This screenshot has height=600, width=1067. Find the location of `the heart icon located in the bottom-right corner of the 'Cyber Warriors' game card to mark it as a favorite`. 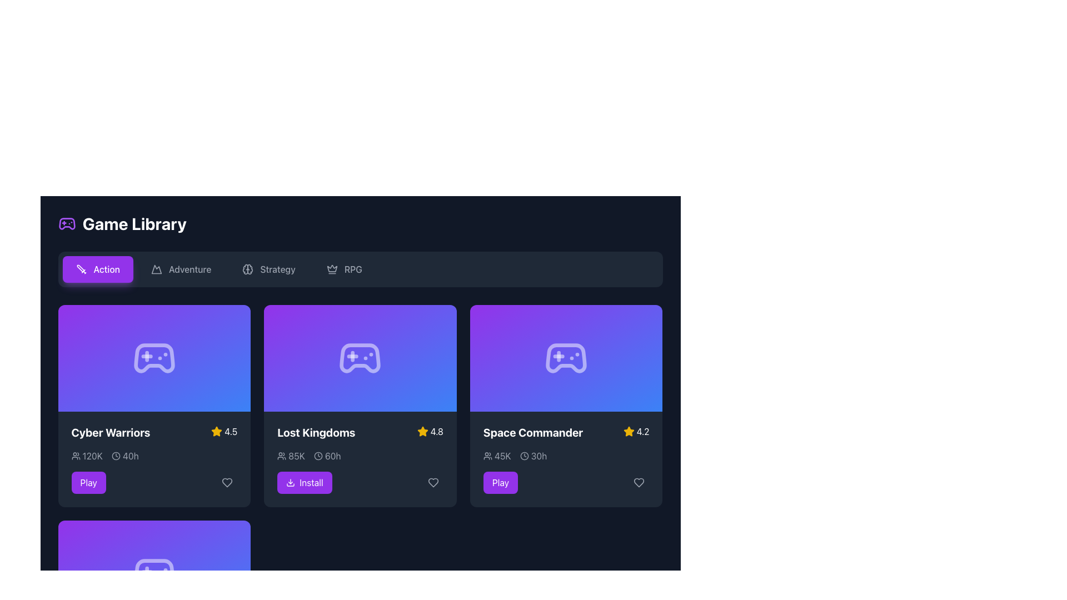

the heart icon located in the bottom-right corner of the 'Cyber Warriors' game card to mark it as a favorite is located at coordinates (227, 482).